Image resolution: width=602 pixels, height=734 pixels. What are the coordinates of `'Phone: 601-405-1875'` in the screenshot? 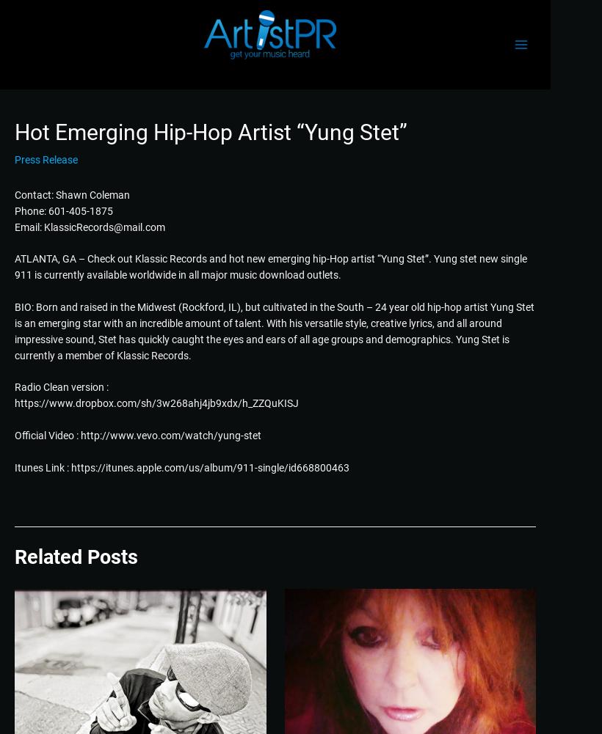 It's located at (64, 210).